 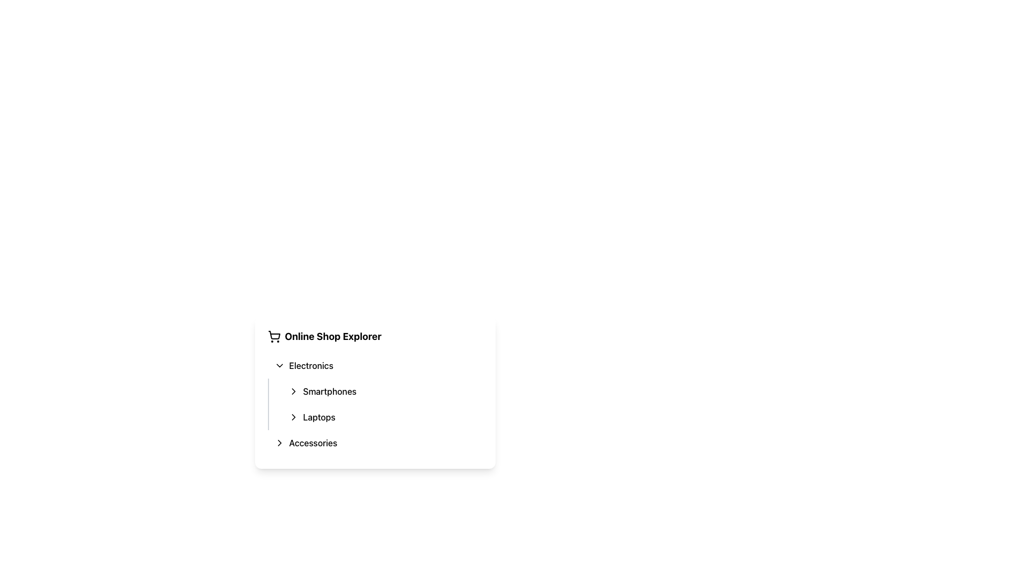 What do you see at coordinates (329, 392) in the screenshot?
I see `the 'Smartphones' label in the navigation menu under 'Electronics' to guide users to the Smartphones section` at bounding box center [329, 392].